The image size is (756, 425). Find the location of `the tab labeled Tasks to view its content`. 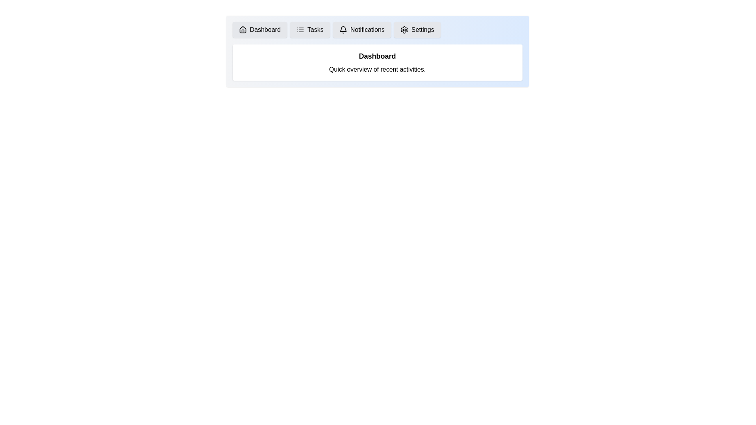

the tab labeled Tasks to view its content is located at coordinates (309, 30).